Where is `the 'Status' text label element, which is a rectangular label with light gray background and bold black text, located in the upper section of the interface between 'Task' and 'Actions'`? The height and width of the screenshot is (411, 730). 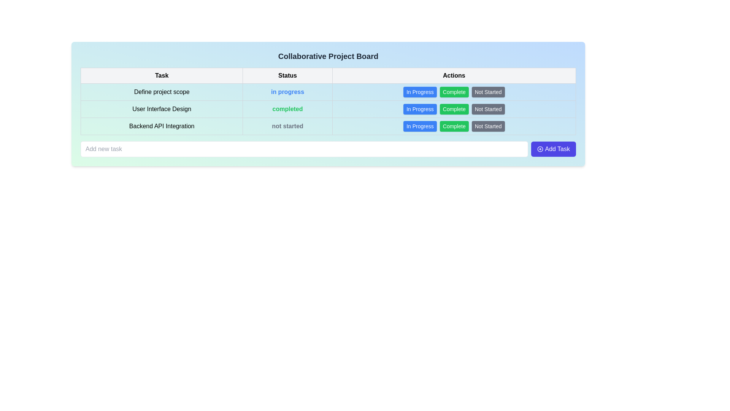
the 'Status' text label element, which is a rectangular label with light gray background and bold black text, located in the upper section of the interface between 'Task' and 'Actions' is located at coordinates (287, 76).